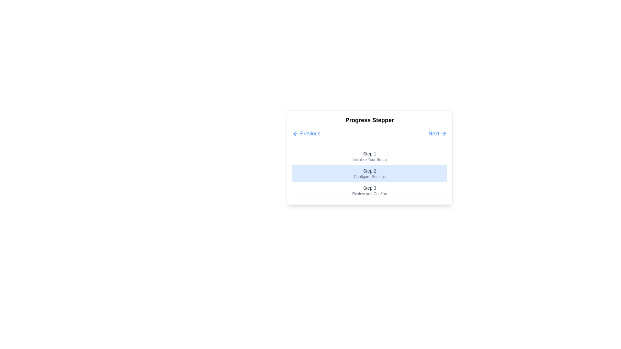  Describe the element at coordinates (369, 156) in the screenshot. I see `the 'Step 1' text block, which is a centered two-line text indicator styled in gray, positioned above 'Step 2: Configure Settings'` at that location.